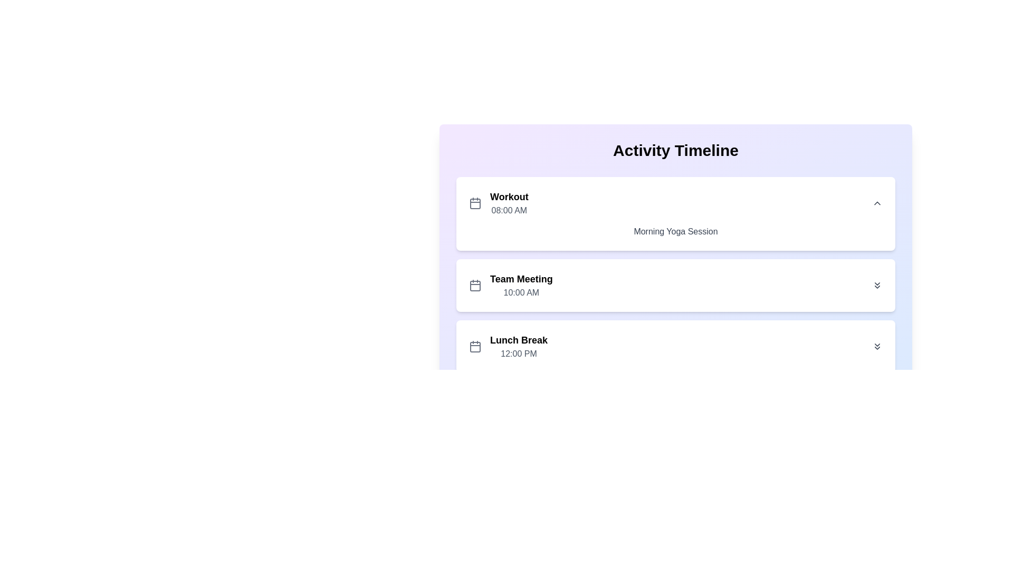 This screenshot has height=569, width=1013. What do you see at coordinates (877, 203) in the screenshot?
I see `the collapse button located in the top right corner of the 'Workout' card to hide its details` at bounding box center [877, 203].